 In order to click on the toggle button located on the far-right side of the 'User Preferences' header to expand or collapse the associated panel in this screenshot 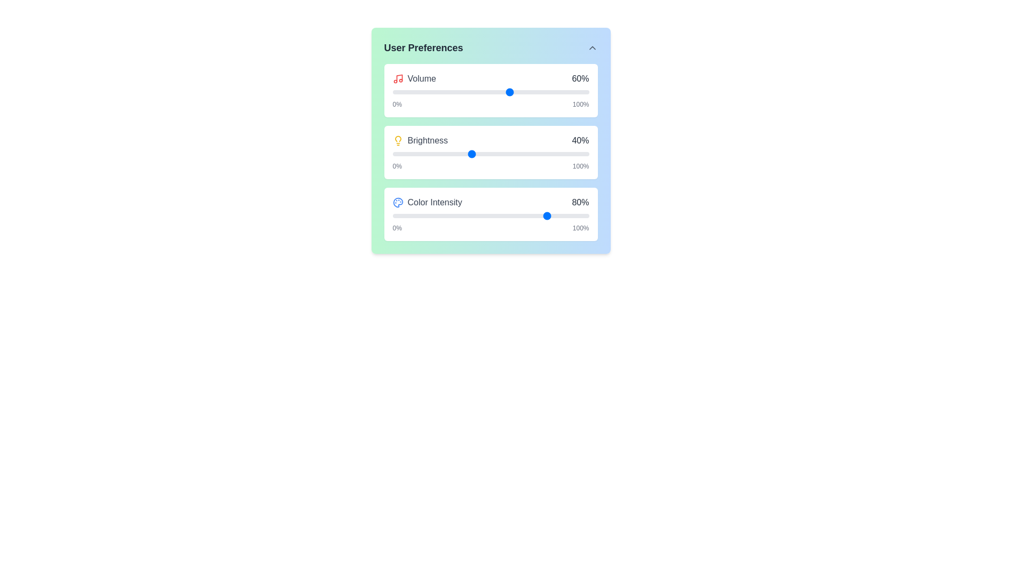, I will do `click(592, 47)`.